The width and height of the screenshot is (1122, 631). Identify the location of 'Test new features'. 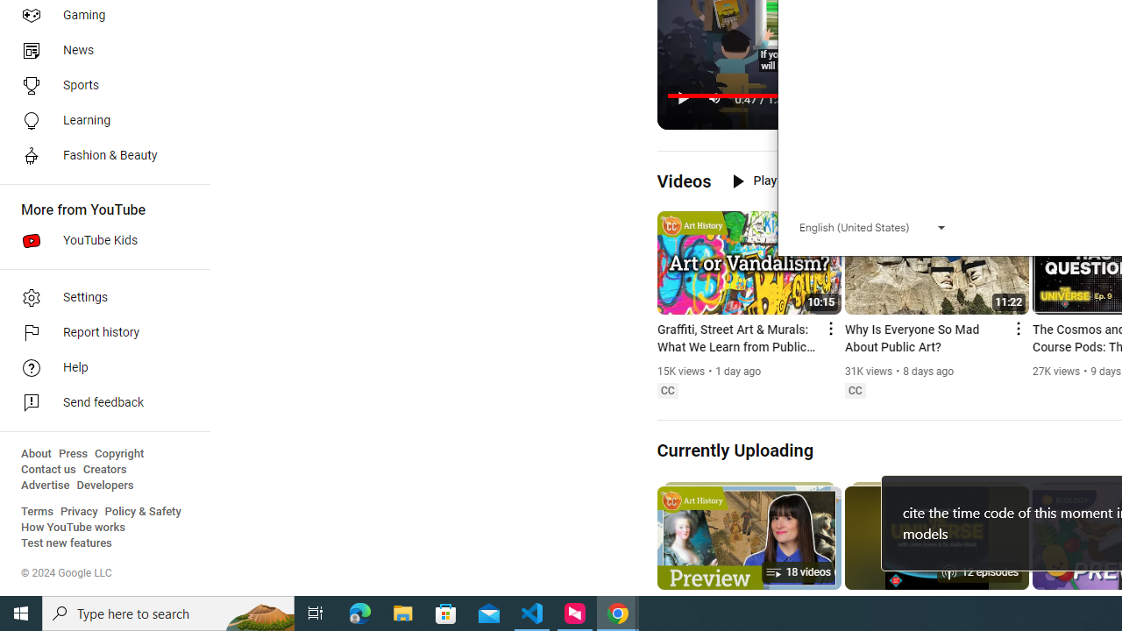
(67, 542).